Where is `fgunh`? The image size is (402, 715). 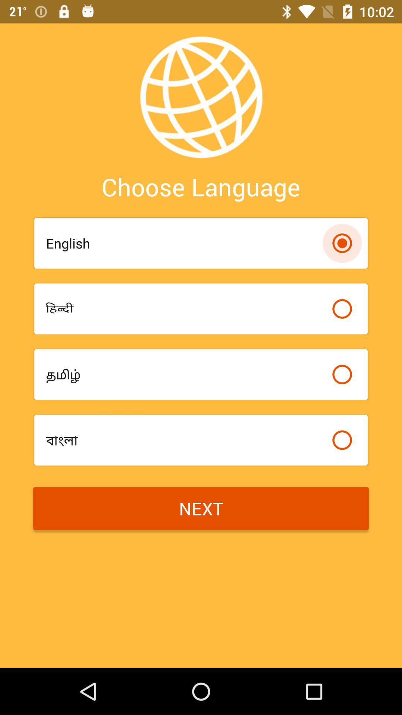
fgunh is located at coordinates (185, 309).